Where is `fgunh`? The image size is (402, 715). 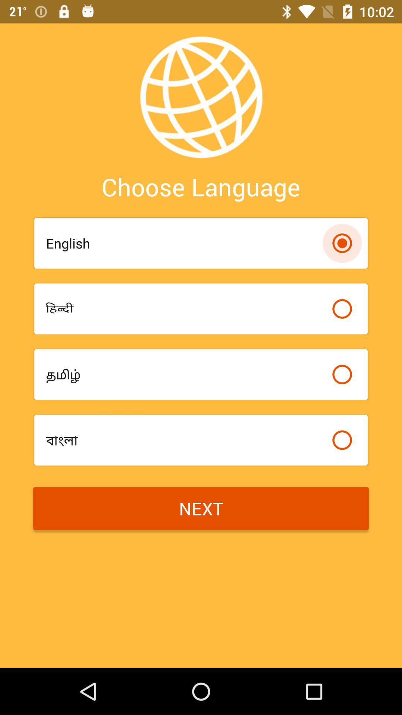
fgunh is located at coordinates (185, 309).